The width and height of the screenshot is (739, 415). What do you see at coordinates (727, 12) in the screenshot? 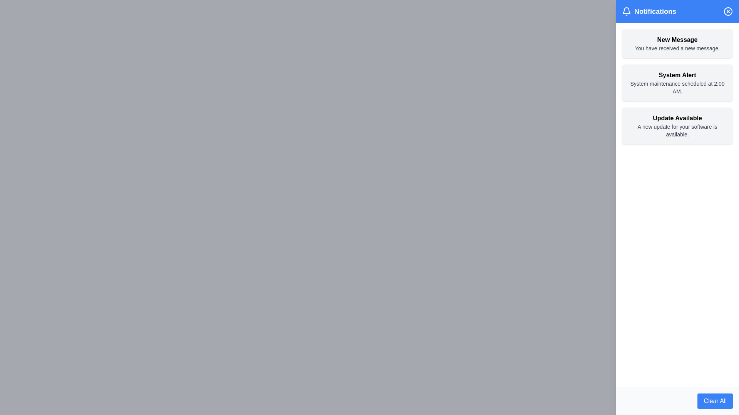
I see `the circular icon located in the top-right corner of the notification bar to interact with its associated functionality` at bounding box center [727, 12].